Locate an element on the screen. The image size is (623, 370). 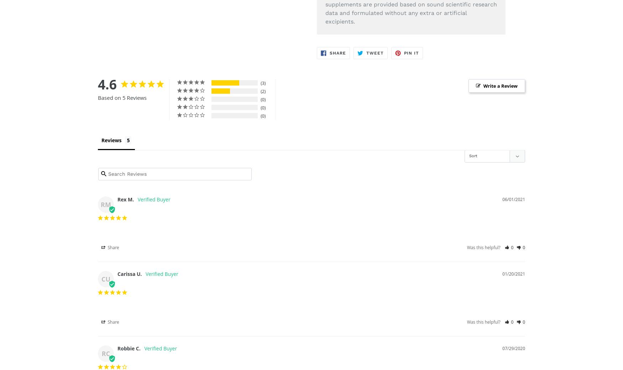
'2' is located at coordinates (263, 91).